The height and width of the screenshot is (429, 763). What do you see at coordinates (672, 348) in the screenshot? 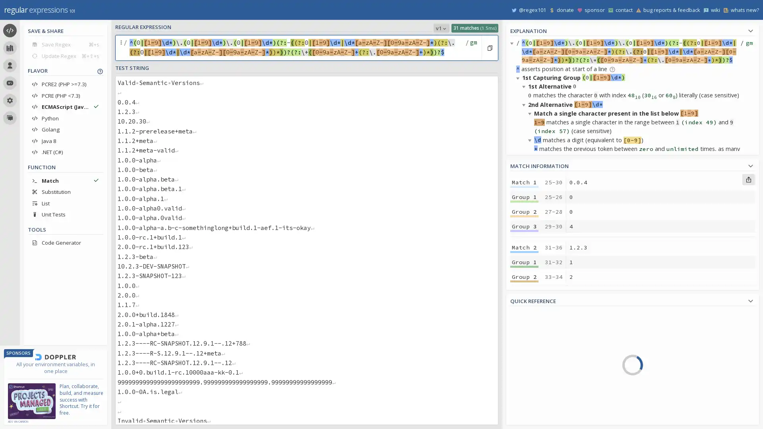
I see `A character not in the range: a-z [^a-z]` at bounding box center [672, 348].